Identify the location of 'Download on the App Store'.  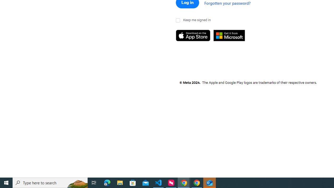
(194, 36).